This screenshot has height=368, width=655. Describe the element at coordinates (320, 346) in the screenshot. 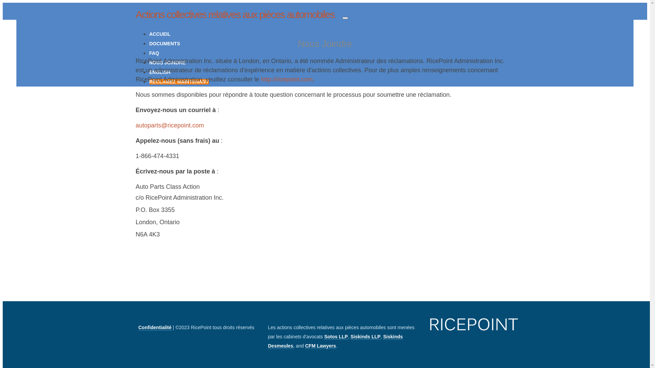

I see `'CFM Lawyers'` at that location.